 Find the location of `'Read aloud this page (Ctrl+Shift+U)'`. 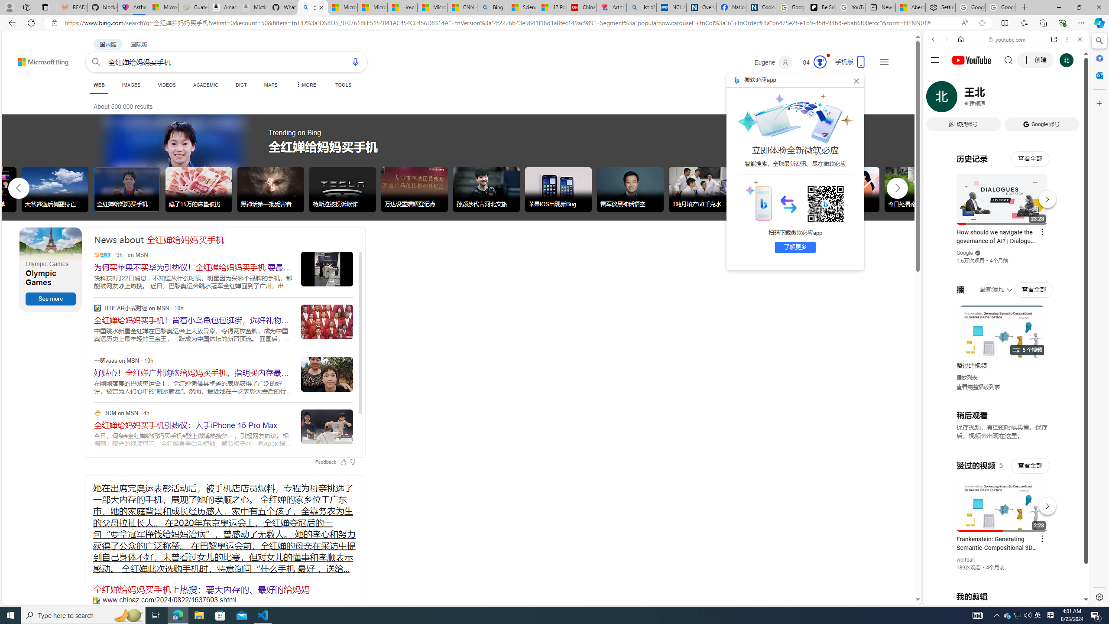

'Read aloud this page (Ctrl+Shift+U)' is located at coordinates (964, 23).